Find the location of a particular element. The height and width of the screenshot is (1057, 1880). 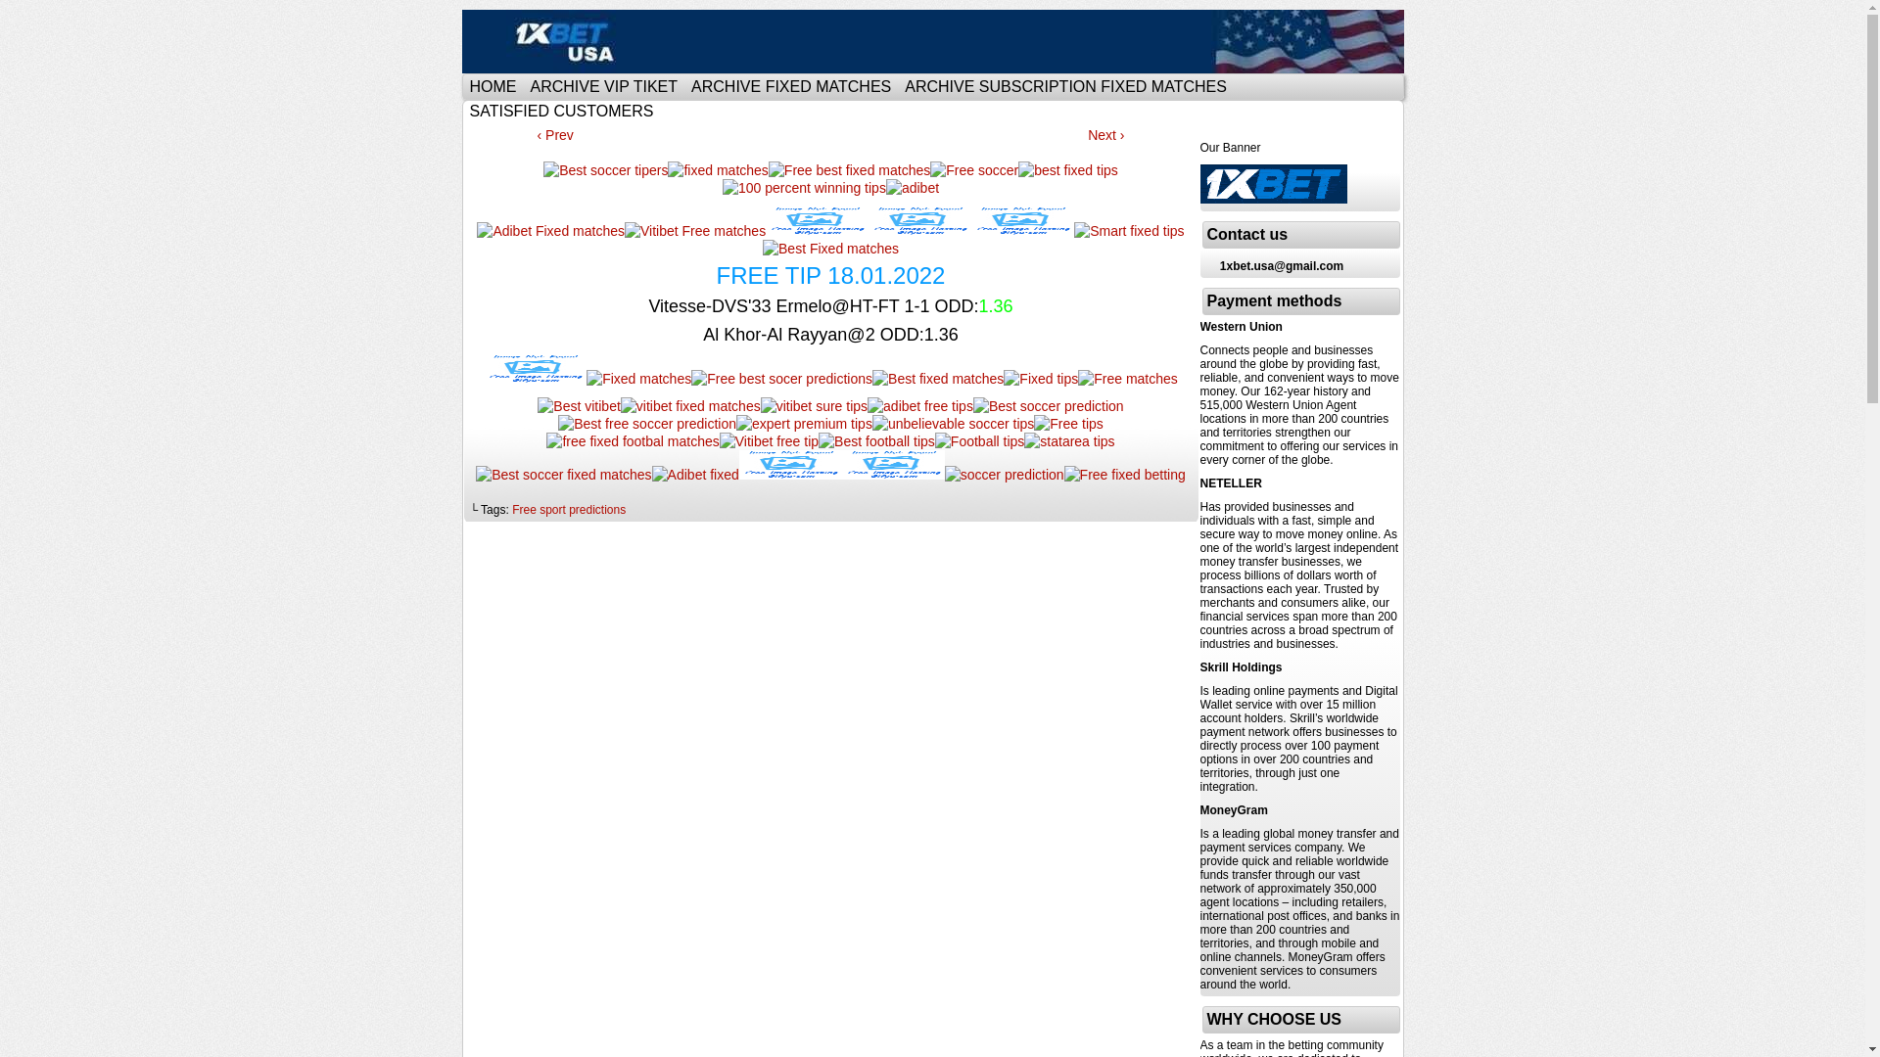

'Best Fixed matches' is located at coordinates (830, 248).